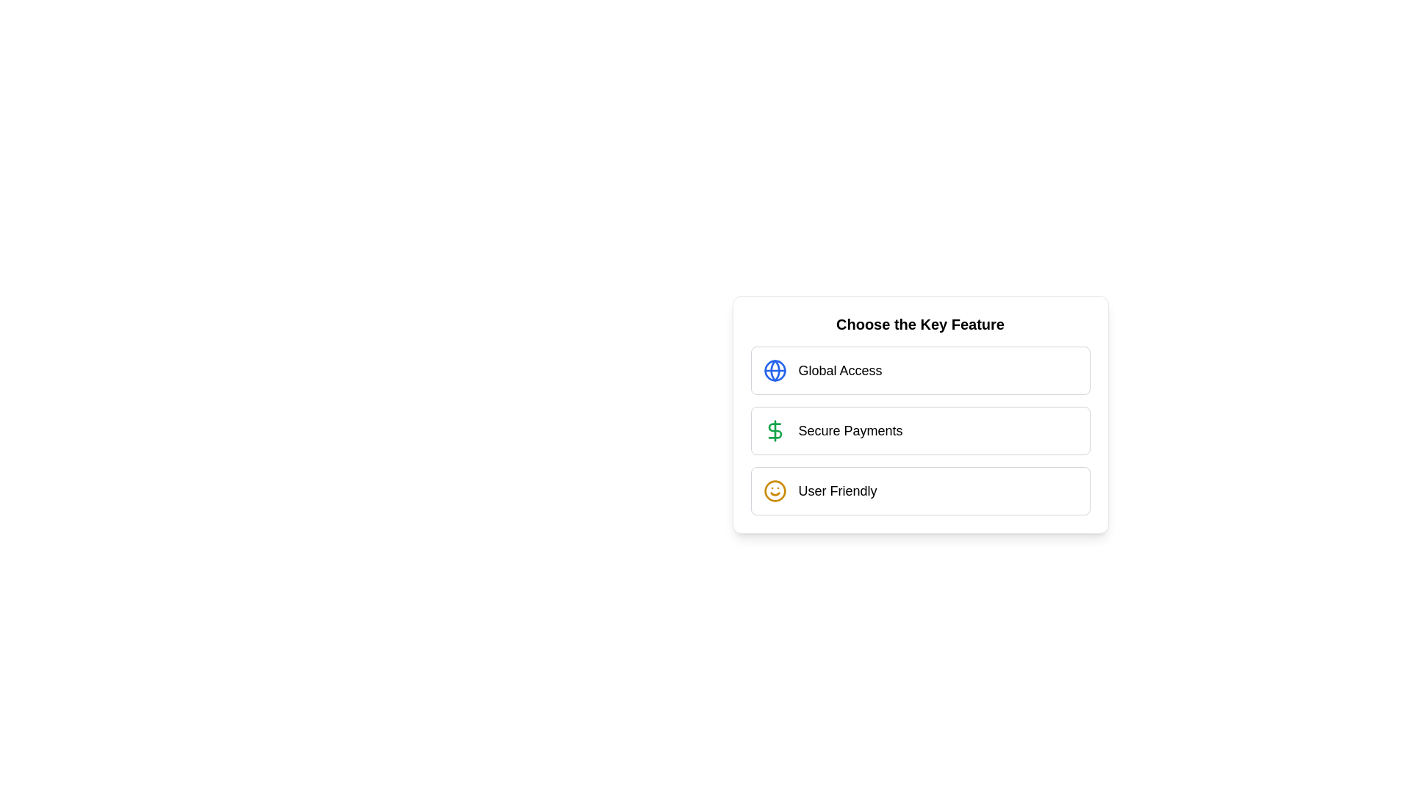  Describe the element at coordinates (774, 370) in the screenshot. I see `the blue globe icon located adjacent to the 'Global Access' label in the upper section of the vertical list` at that location.